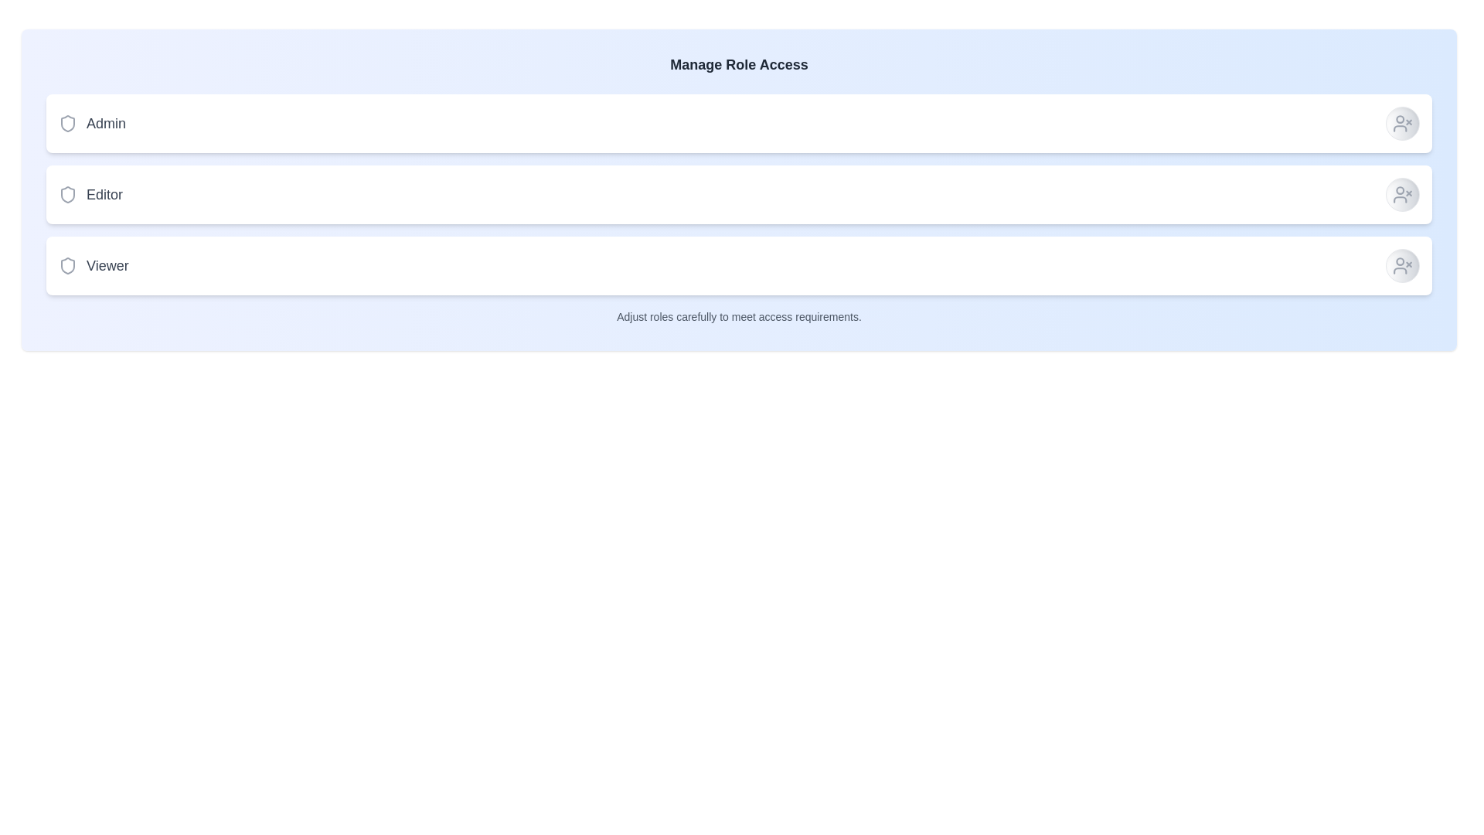 Image resolution: width=1484 pixels, height=835 pixels. Describe the element at coordinates (91, 122) in the screenshot. I see `the 'Admin' text label, which is the first item in a vertically aligned list of role descriptions, styled in bold gray font and located next to a shield icon` at that location.